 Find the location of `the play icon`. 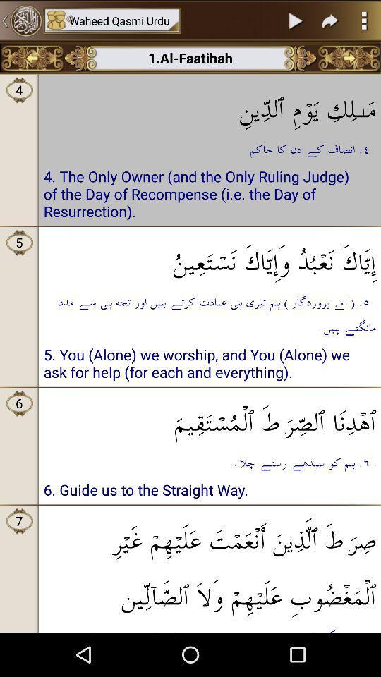

the play icon is located at coordinates (296, 21).